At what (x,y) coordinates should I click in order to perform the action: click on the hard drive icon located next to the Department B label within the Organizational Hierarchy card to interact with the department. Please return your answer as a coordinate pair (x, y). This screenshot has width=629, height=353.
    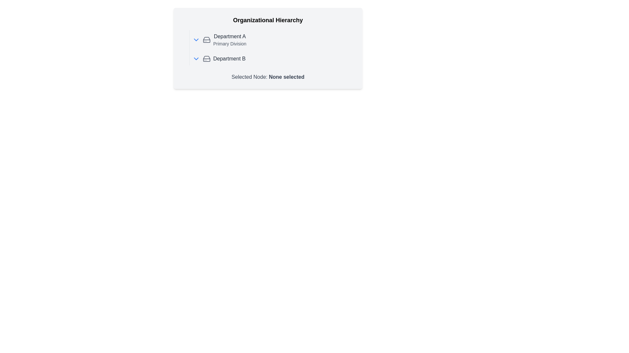
    Looking at the image, I should click on (206, 40).